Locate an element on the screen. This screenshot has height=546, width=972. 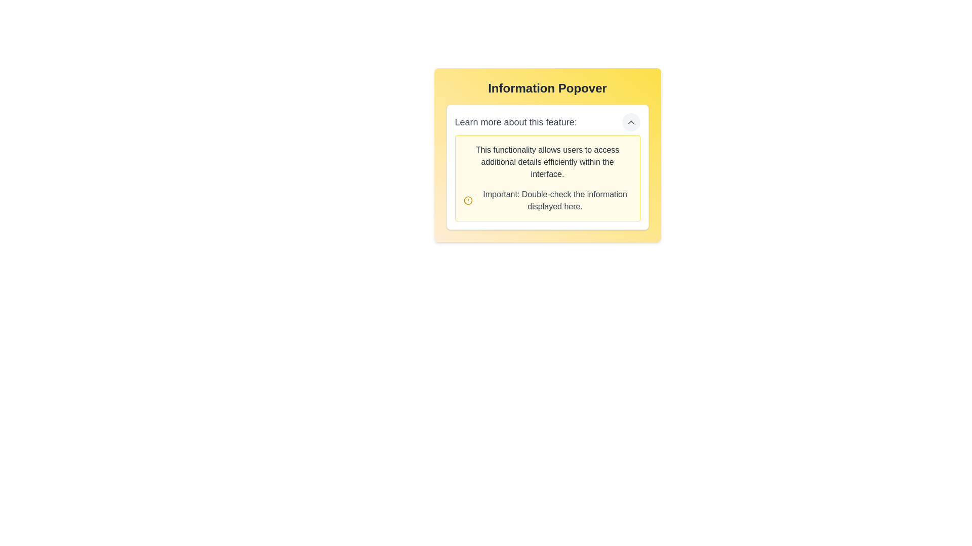
the informational content box that provides cautionary textual explanations, located below the header 'Learn more about this feature' and above the close button in the popover interface is located at coordinates (547, 178).